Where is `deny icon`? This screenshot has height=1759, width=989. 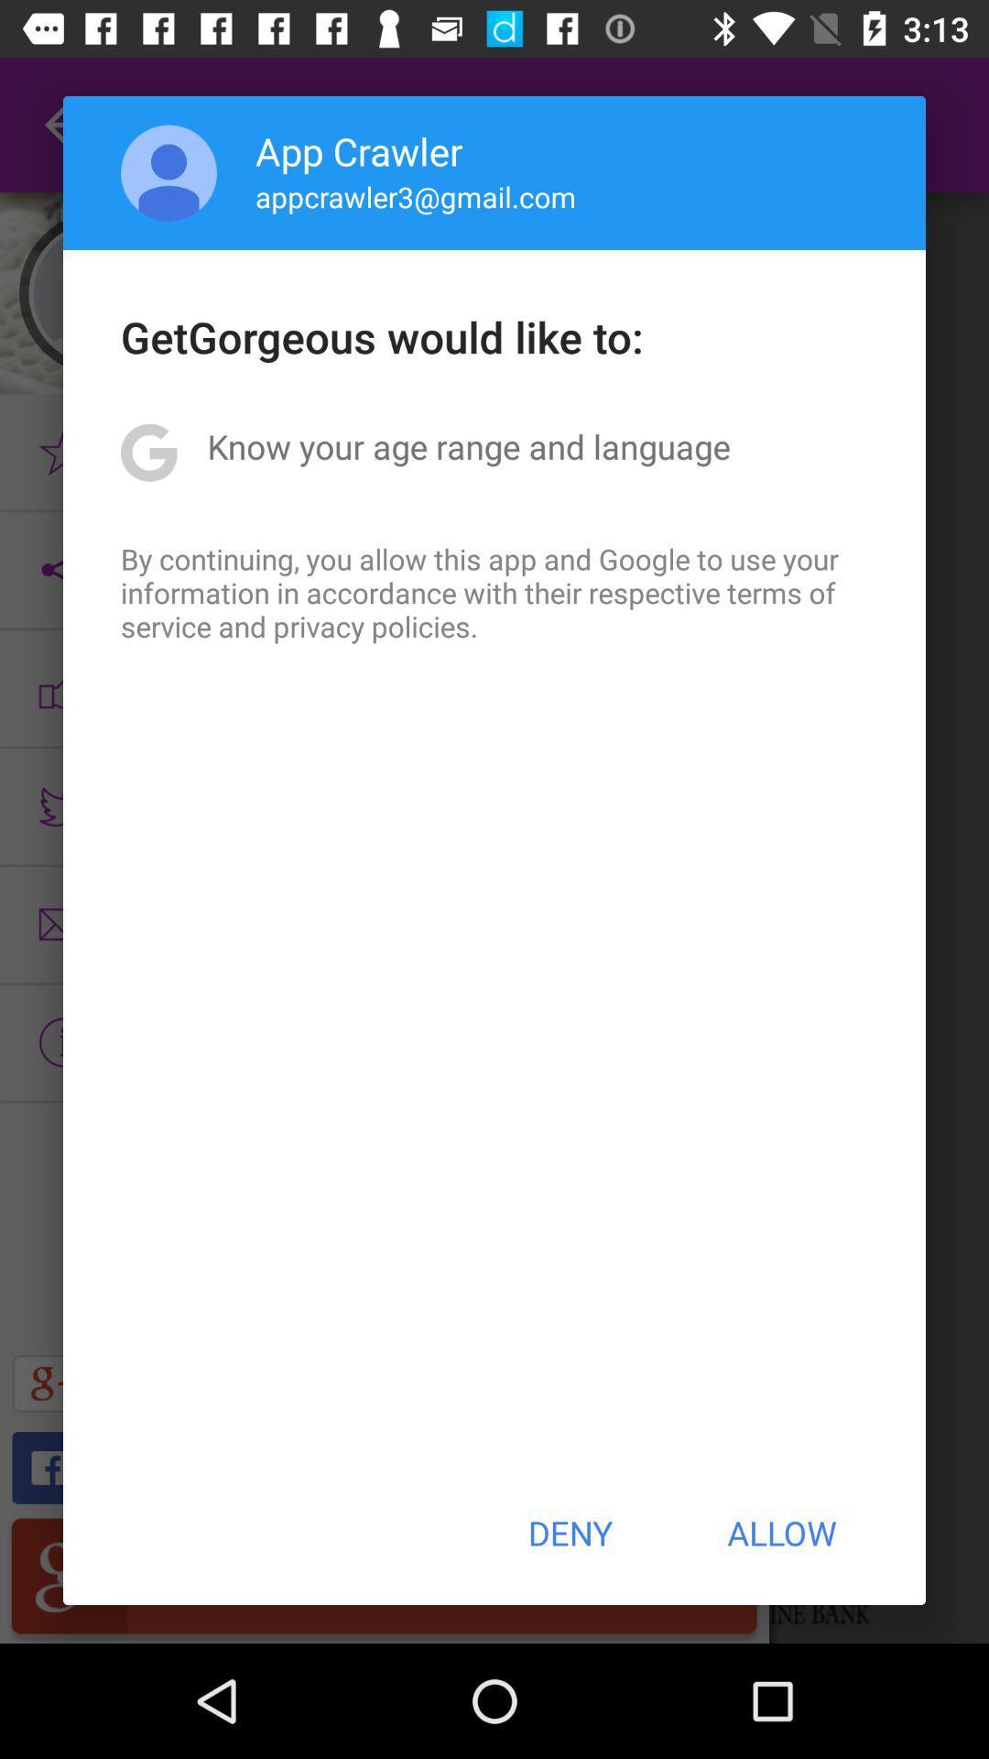
deny icon is located at coordinates (569, 1533).